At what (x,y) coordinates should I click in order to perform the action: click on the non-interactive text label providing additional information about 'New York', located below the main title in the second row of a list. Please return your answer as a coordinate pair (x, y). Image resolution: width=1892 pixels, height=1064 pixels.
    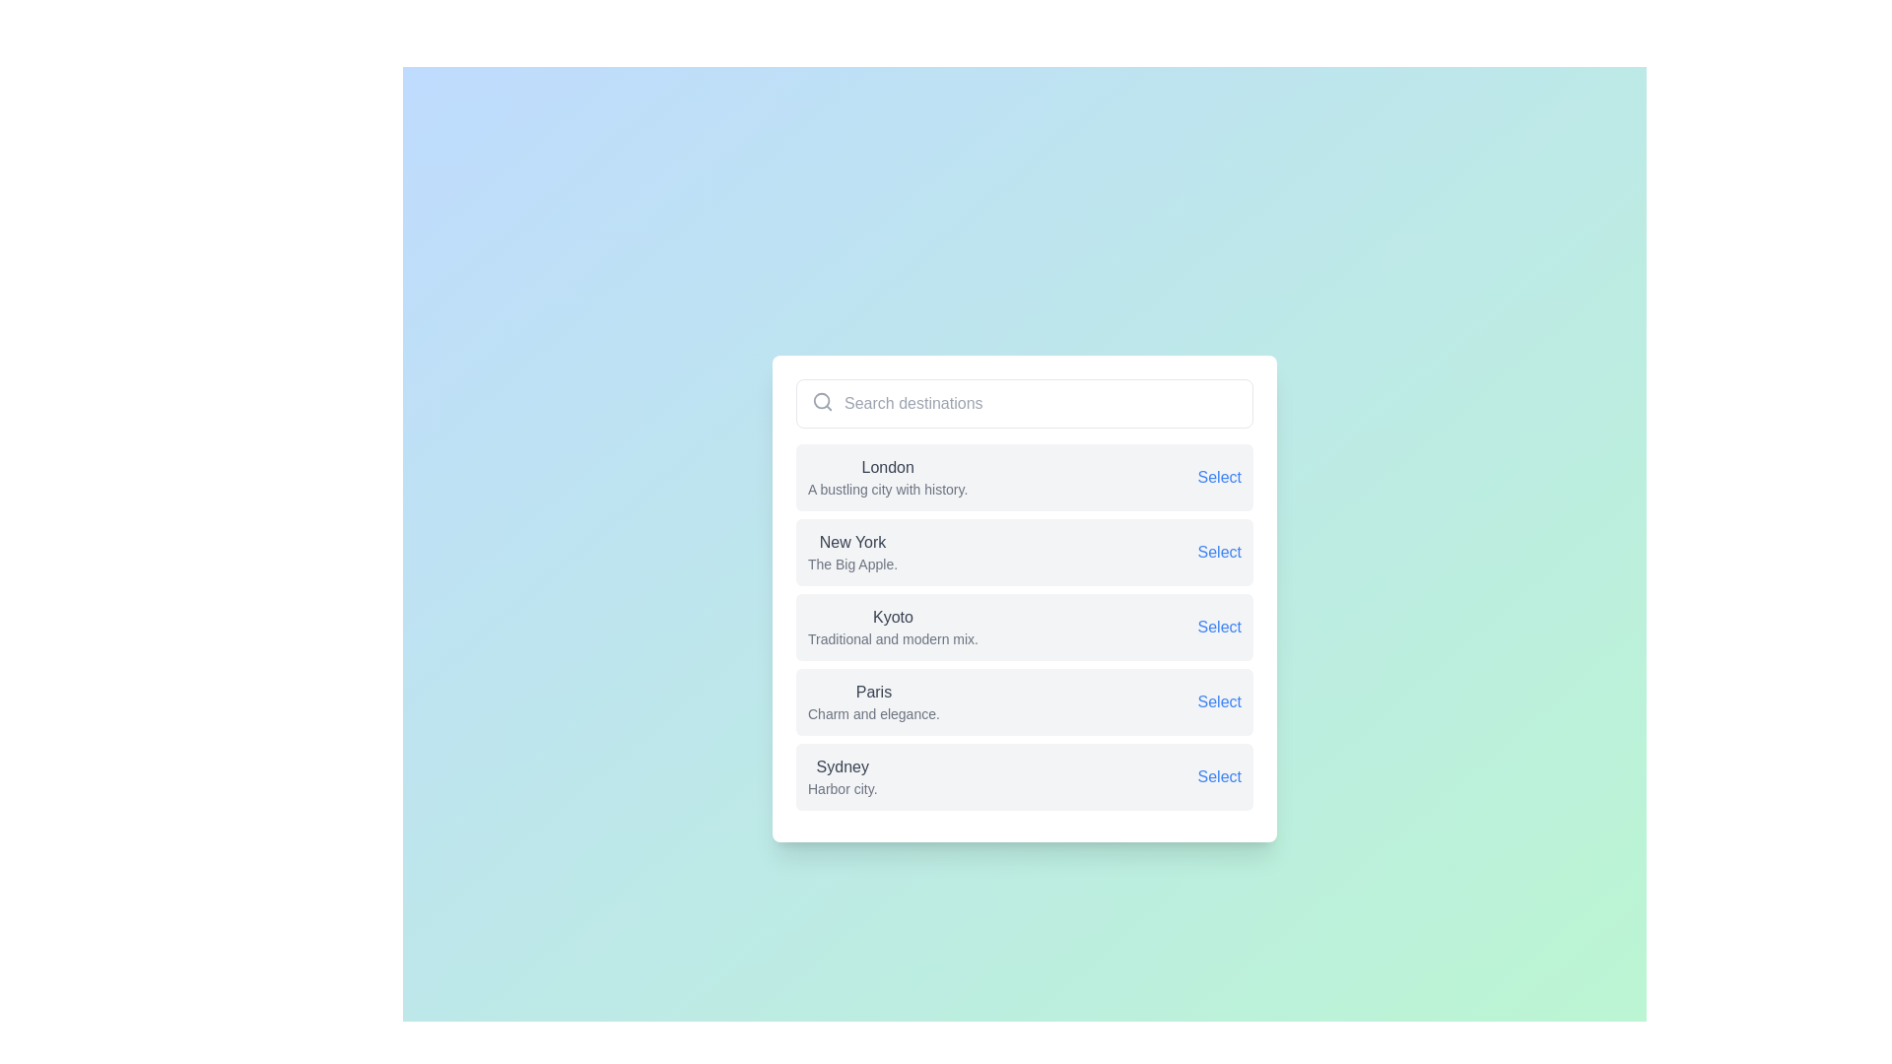
    Looking at the image, I should click on (852, 565).